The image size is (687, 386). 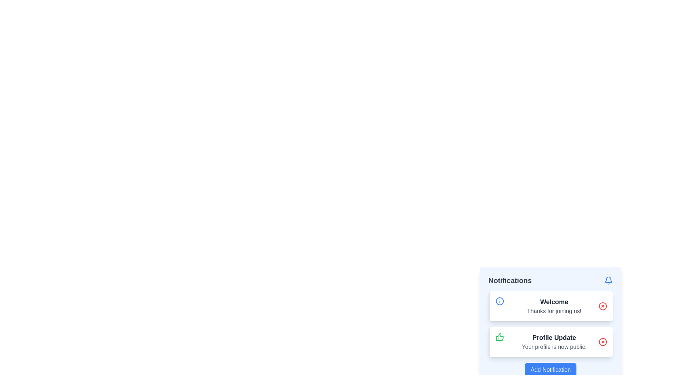 I want to click on the 'Profile Update' text label, which is bold and larger in size, located in the second notification block of the 'Notifications' panel, positioned above the subtext 'Your profile is now public.', so click(x=554, y=338).